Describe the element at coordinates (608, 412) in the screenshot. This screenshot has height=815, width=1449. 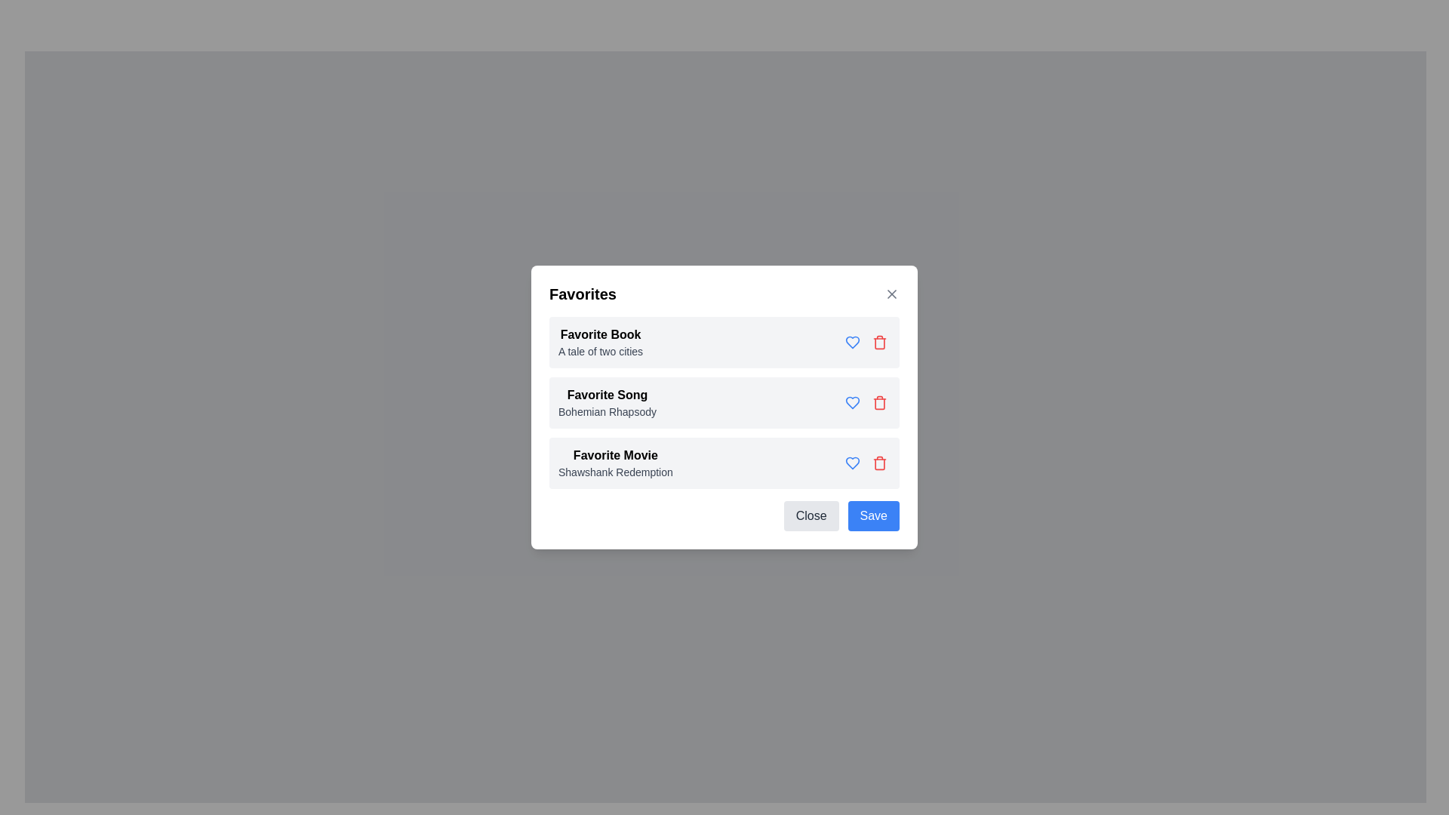
I see `the text label displaying 'Bohemian Rhapsody', which is located beneath the bold text 'Favorite Song' in a small, gray-colored font` at that location.